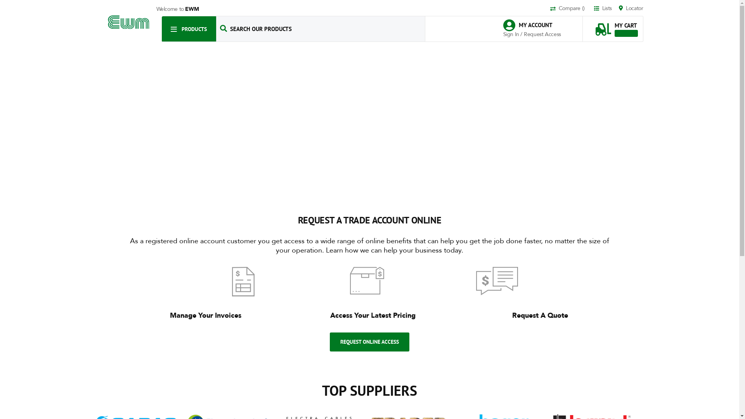  What do you see at coordinates (571, 9) in the screenshot?
I see `'Compare'` at bounding box center [571, 9].